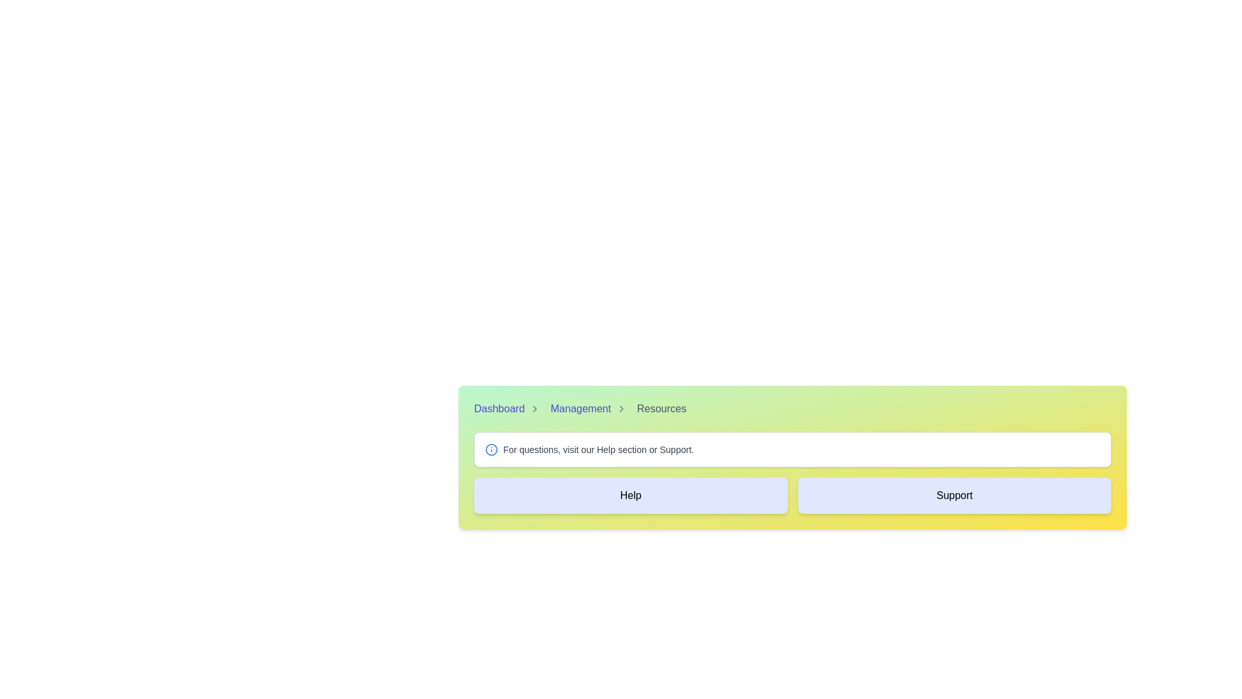  I want to click on the Circle SVG graphical element located on the left side of the horizontal informational bar containing text, which serves as a decorative or symbolic part of an informational icon, so click(490, 449).